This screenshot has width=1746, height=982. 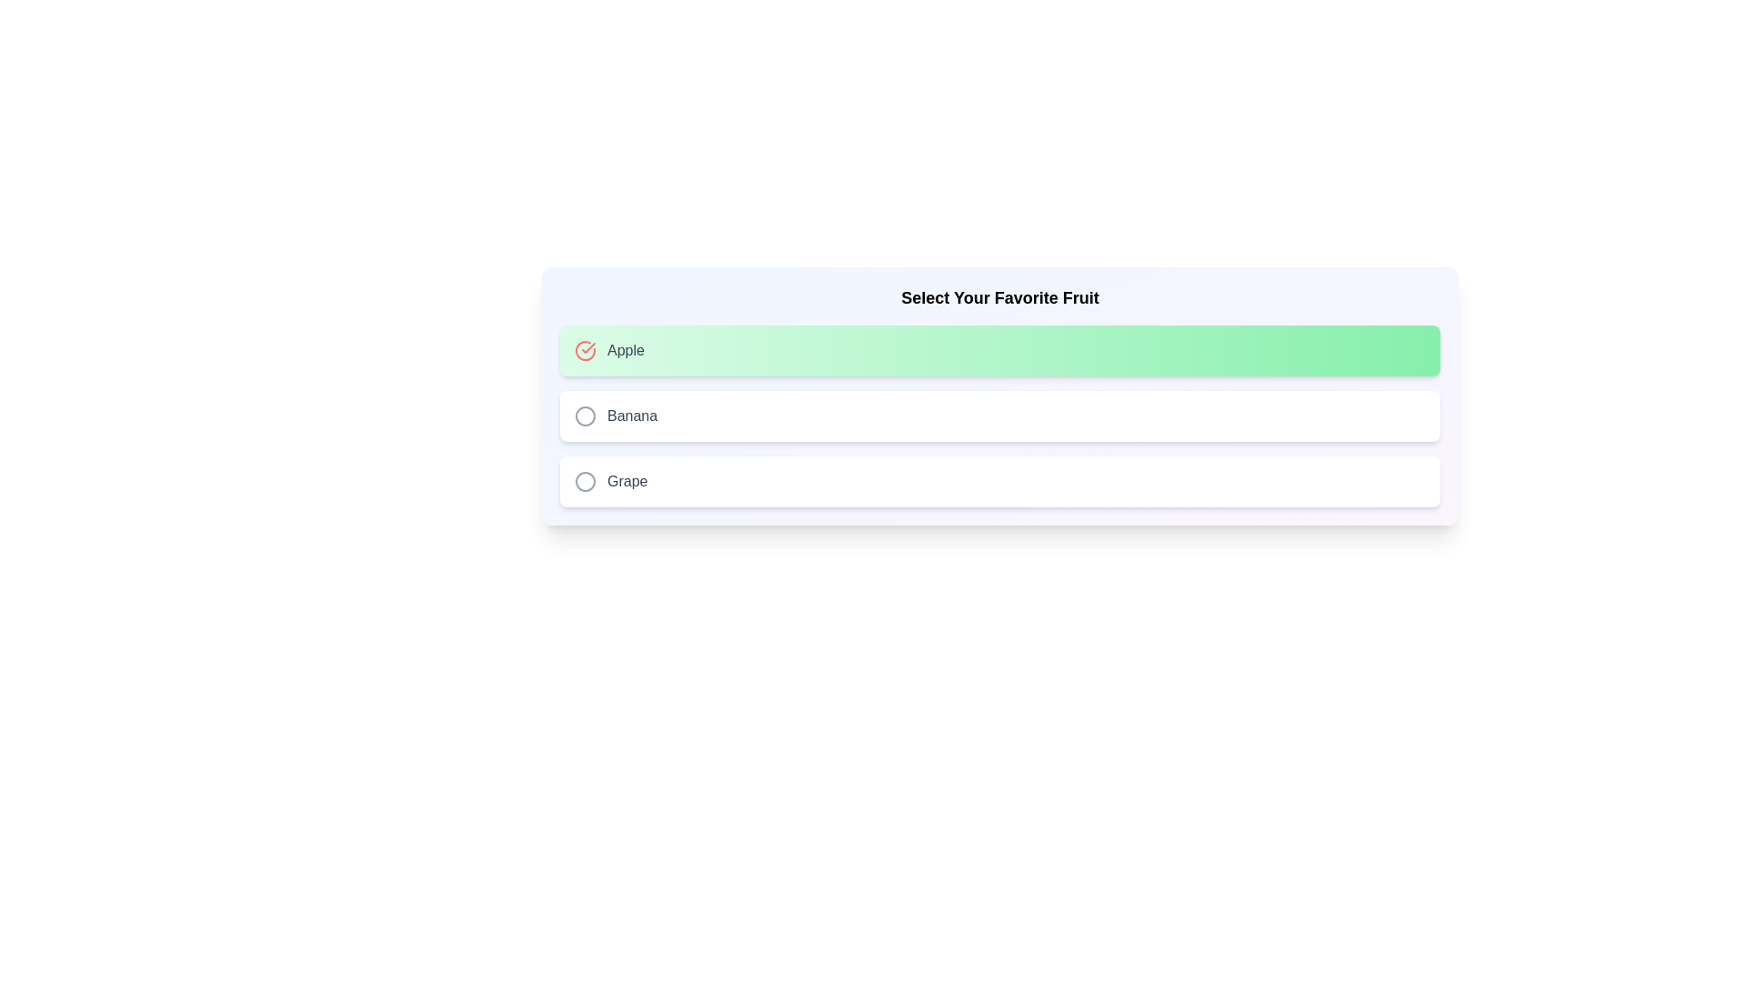 What do you see at coordinates (588, 347) in the screenshot?
I see `the arrow icon indicating that 'Apple' is the currently selected option in the vertical list of favorite fruits` at bounding box center [588, 347].